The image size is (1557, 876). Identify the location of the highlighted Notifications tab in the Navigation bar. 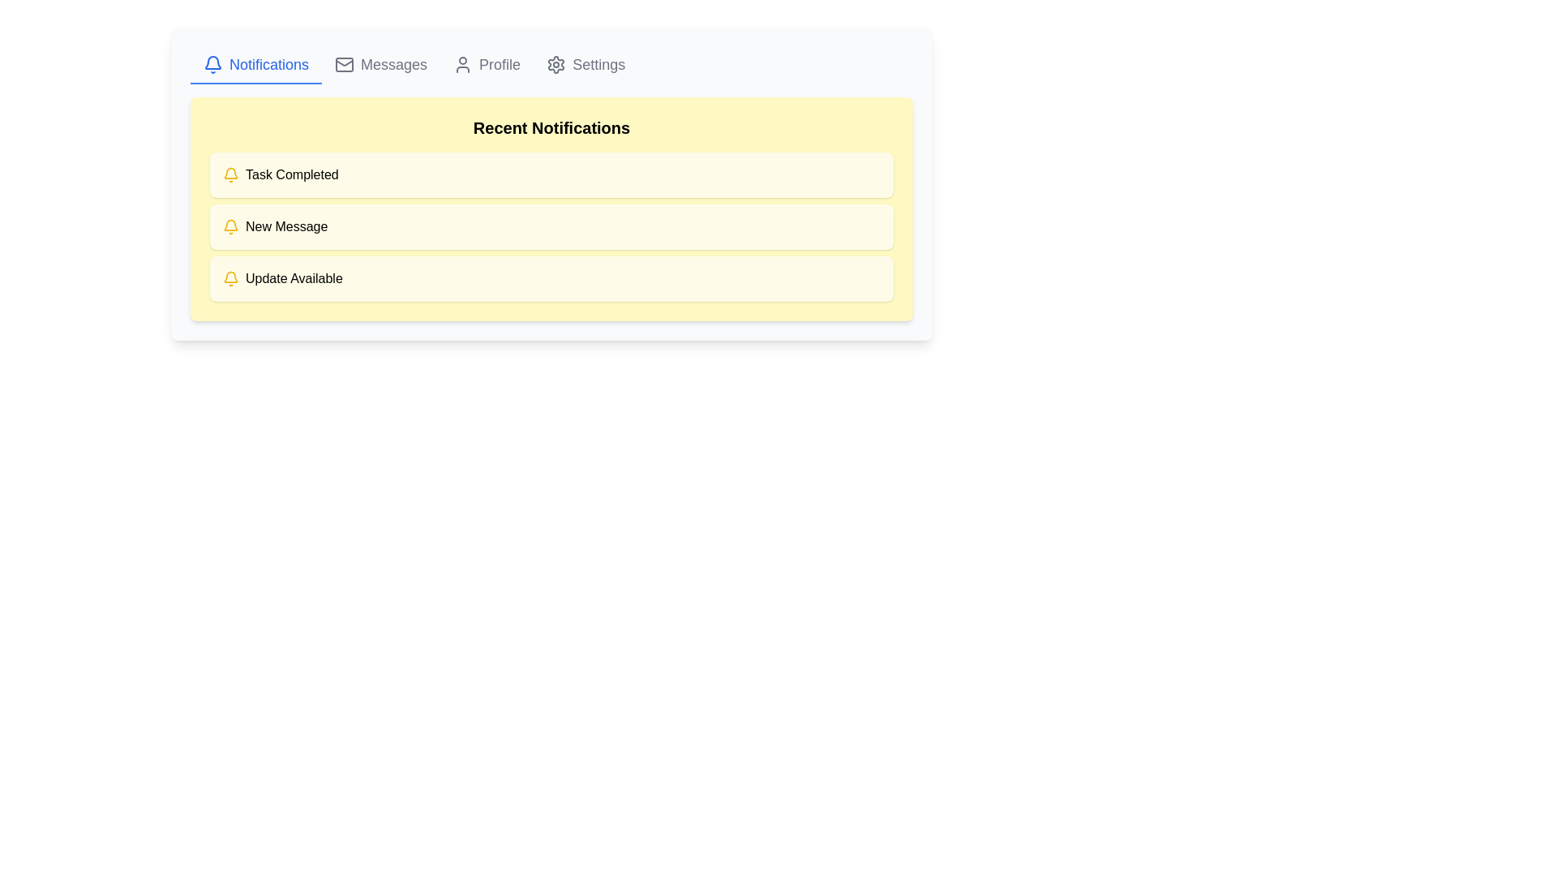
(551, 65).